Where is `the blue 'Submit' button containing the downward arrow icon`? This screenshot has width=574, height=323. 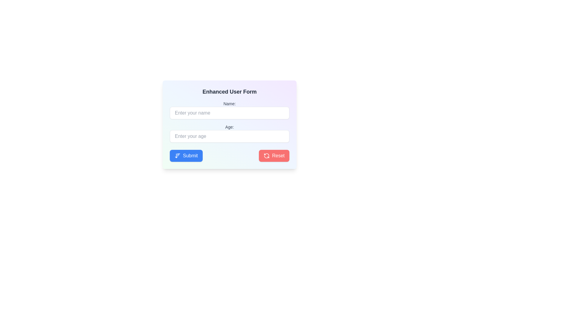
the blue 'Submit' button containing the downward arrow icon is located at coordinates (177, 155).